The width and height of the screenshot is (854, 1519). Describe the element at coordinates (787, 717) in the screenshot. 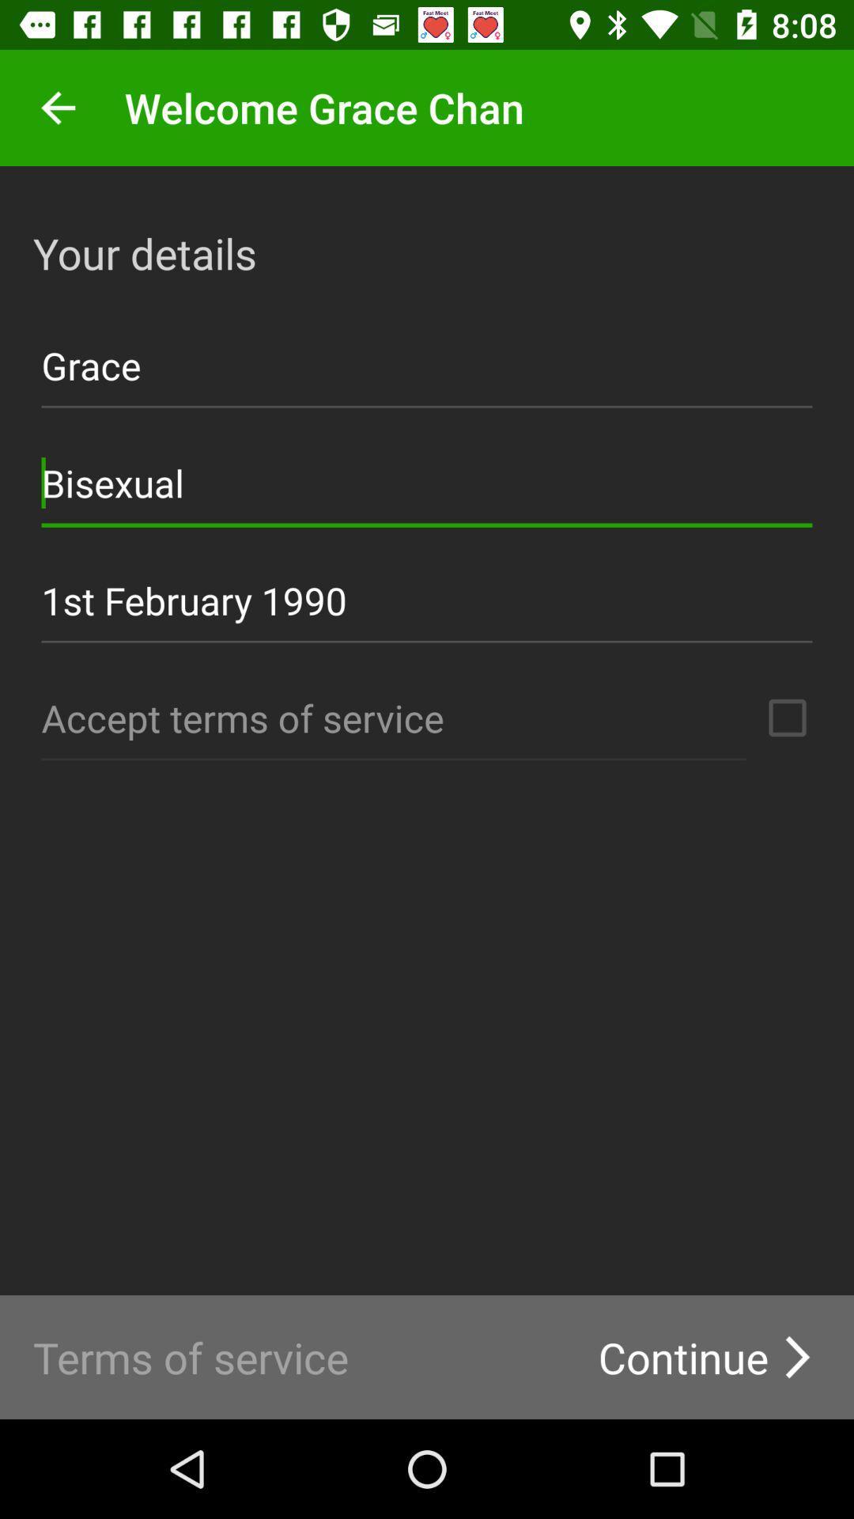

I see `terms of service` at that location.